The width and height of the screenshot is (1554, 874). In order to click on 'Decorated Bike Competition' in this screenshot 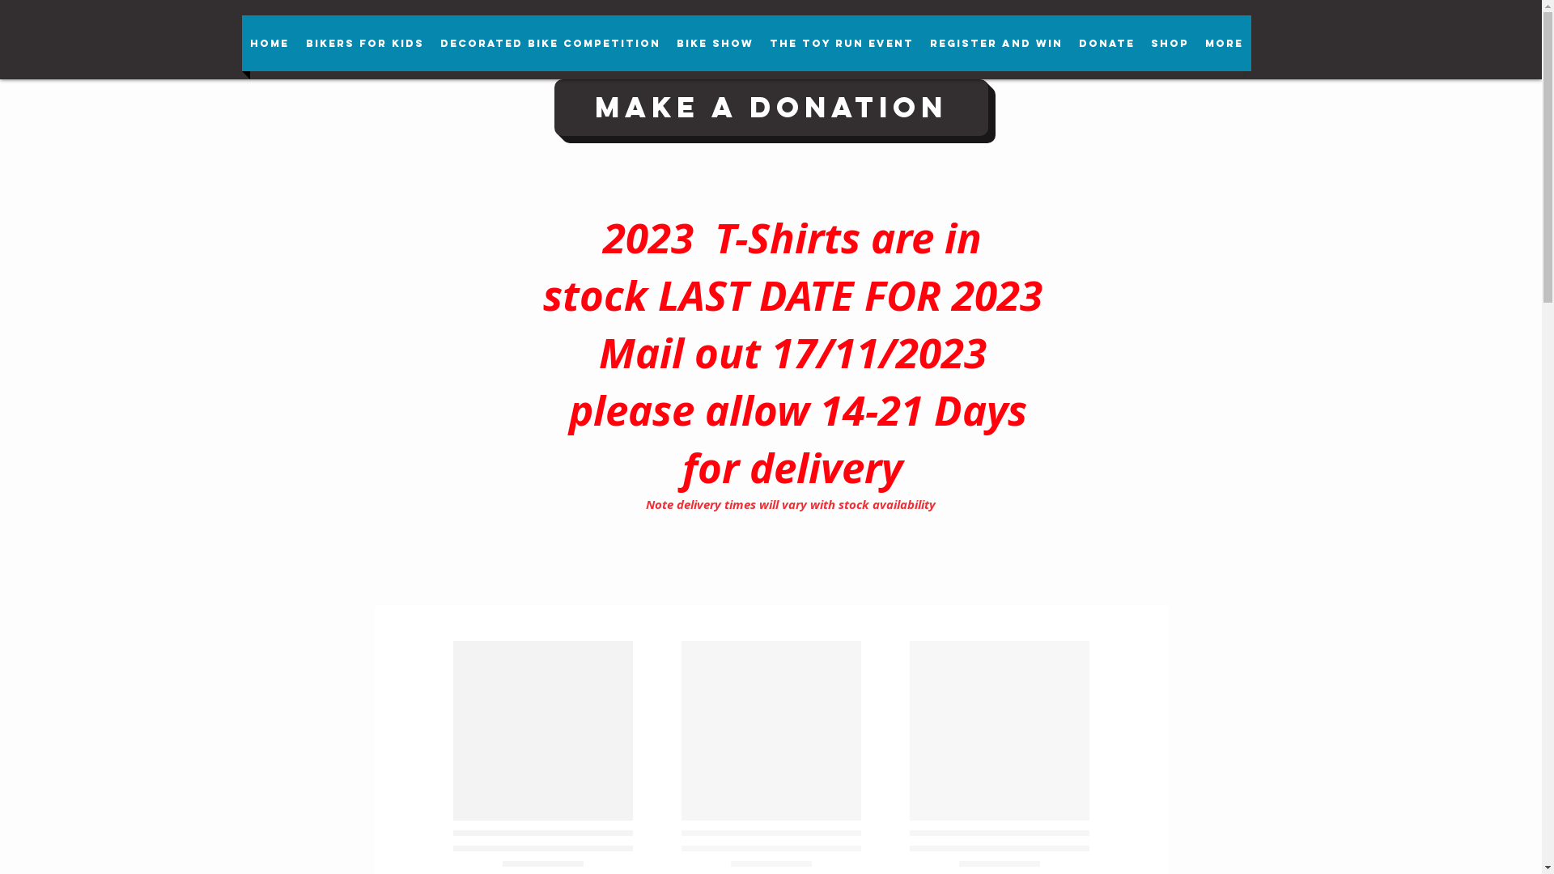, I will do `click(550, 42)`.